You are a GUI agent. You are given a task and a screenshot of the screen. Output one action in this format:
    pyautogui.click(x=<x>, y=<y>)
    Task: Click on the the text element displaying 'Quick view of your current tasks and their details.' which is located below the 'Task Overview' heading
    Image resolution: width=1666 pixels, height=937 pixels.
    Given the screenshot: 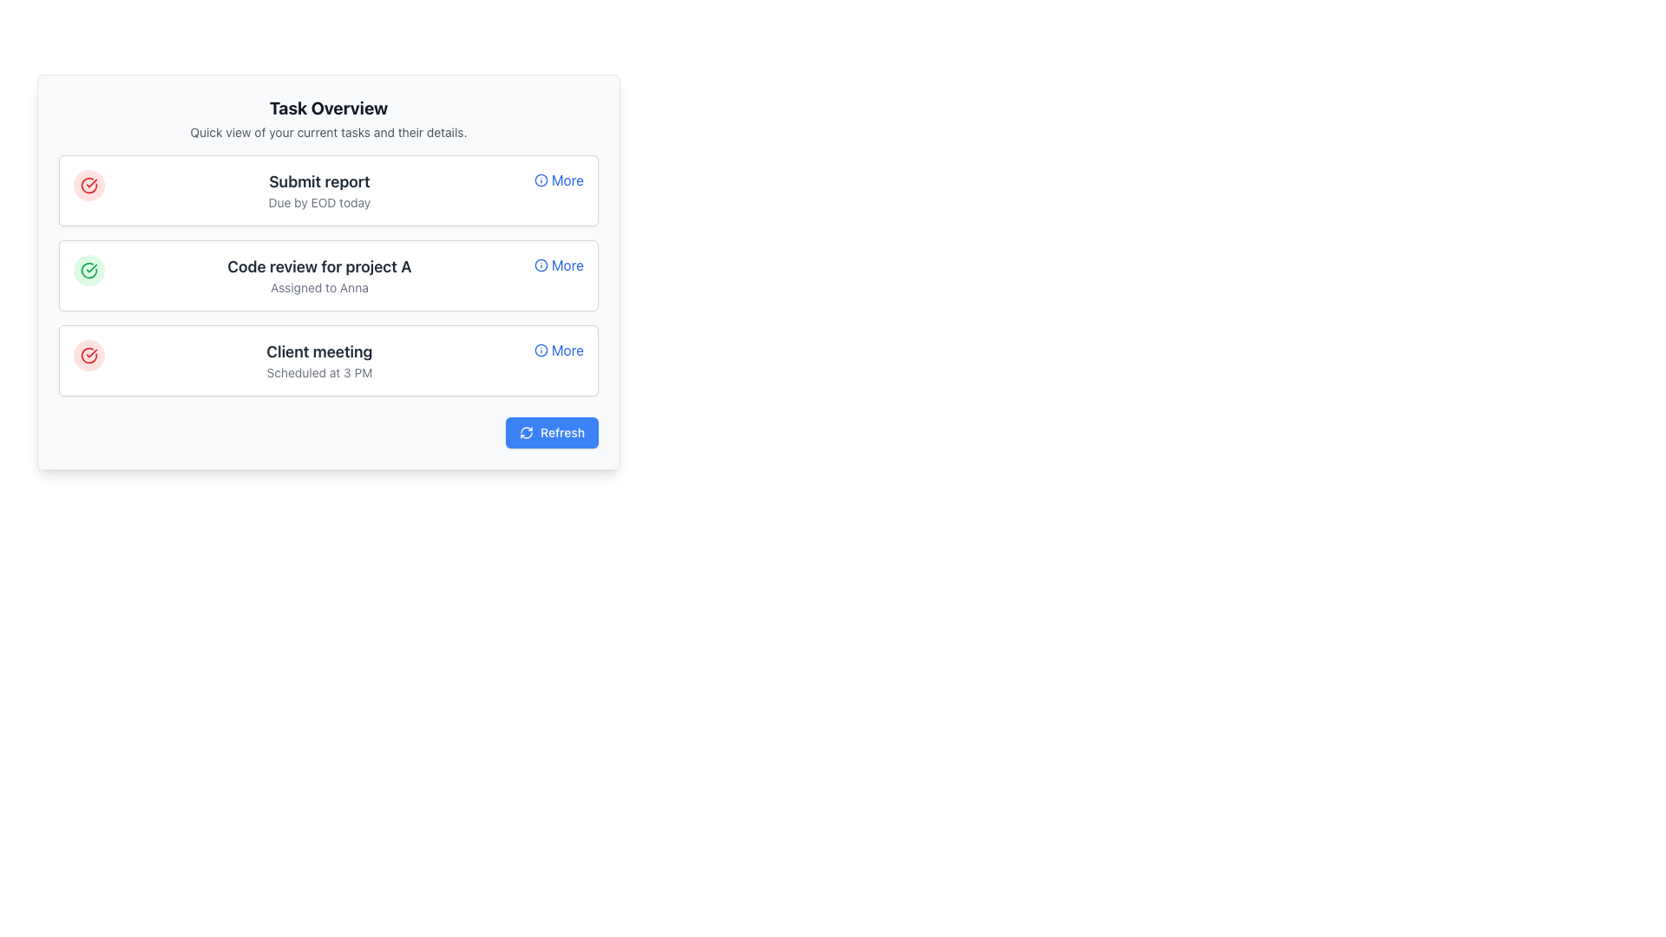 What is the action you would take?
    pyautogui.click(x=329, y=132)
    